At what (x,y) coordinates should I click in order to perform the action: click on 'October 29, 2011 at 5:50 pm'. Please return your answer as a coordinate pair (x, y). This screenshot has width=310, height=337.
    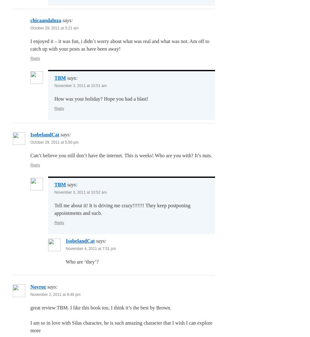
    Looking at the image, I should click on (30, 142).